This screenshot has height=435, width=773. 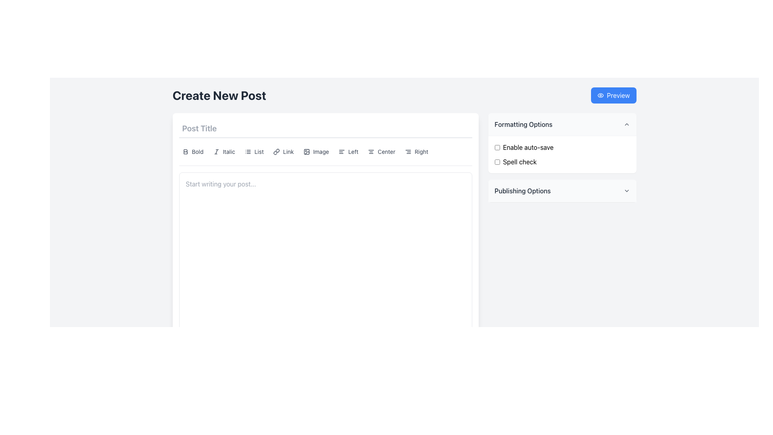 I want to click on the right text alignment icon in the toolbar, so click(x=408, y=152).